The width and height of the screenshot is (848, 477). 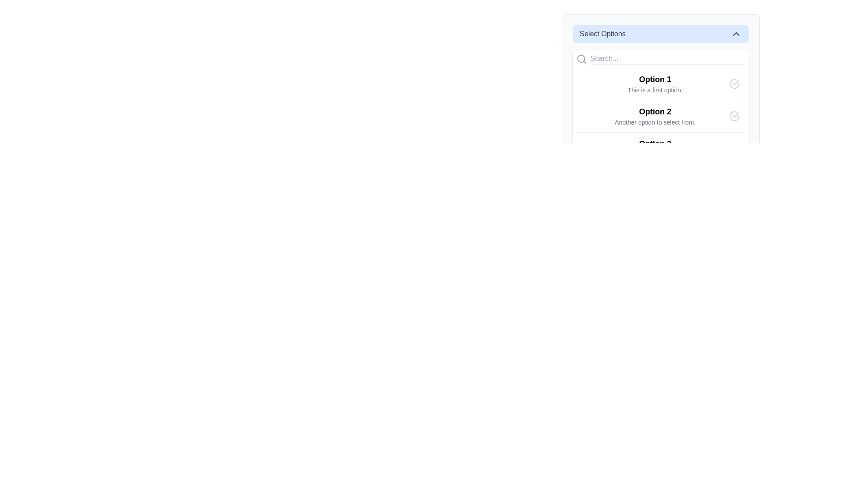 I want to click on the 'Option 1' text label to emphasize it, which is positioned at the top of a list within a dropdown menu, so click(x=655, y=79).